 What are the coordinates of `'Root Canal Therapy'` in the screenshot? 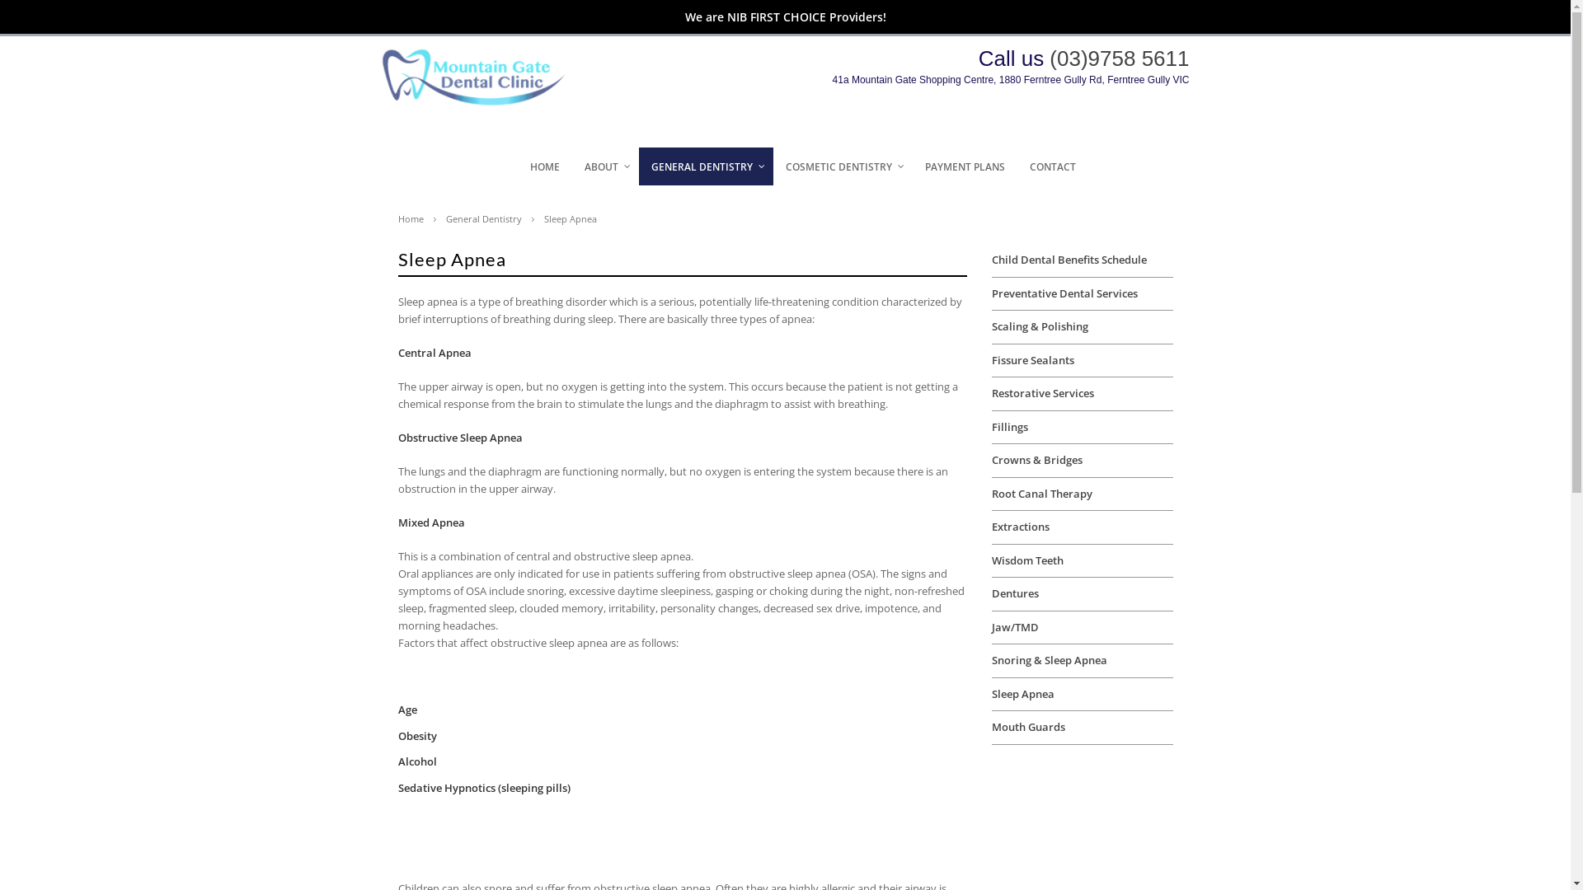 It's located at (1040, 492).